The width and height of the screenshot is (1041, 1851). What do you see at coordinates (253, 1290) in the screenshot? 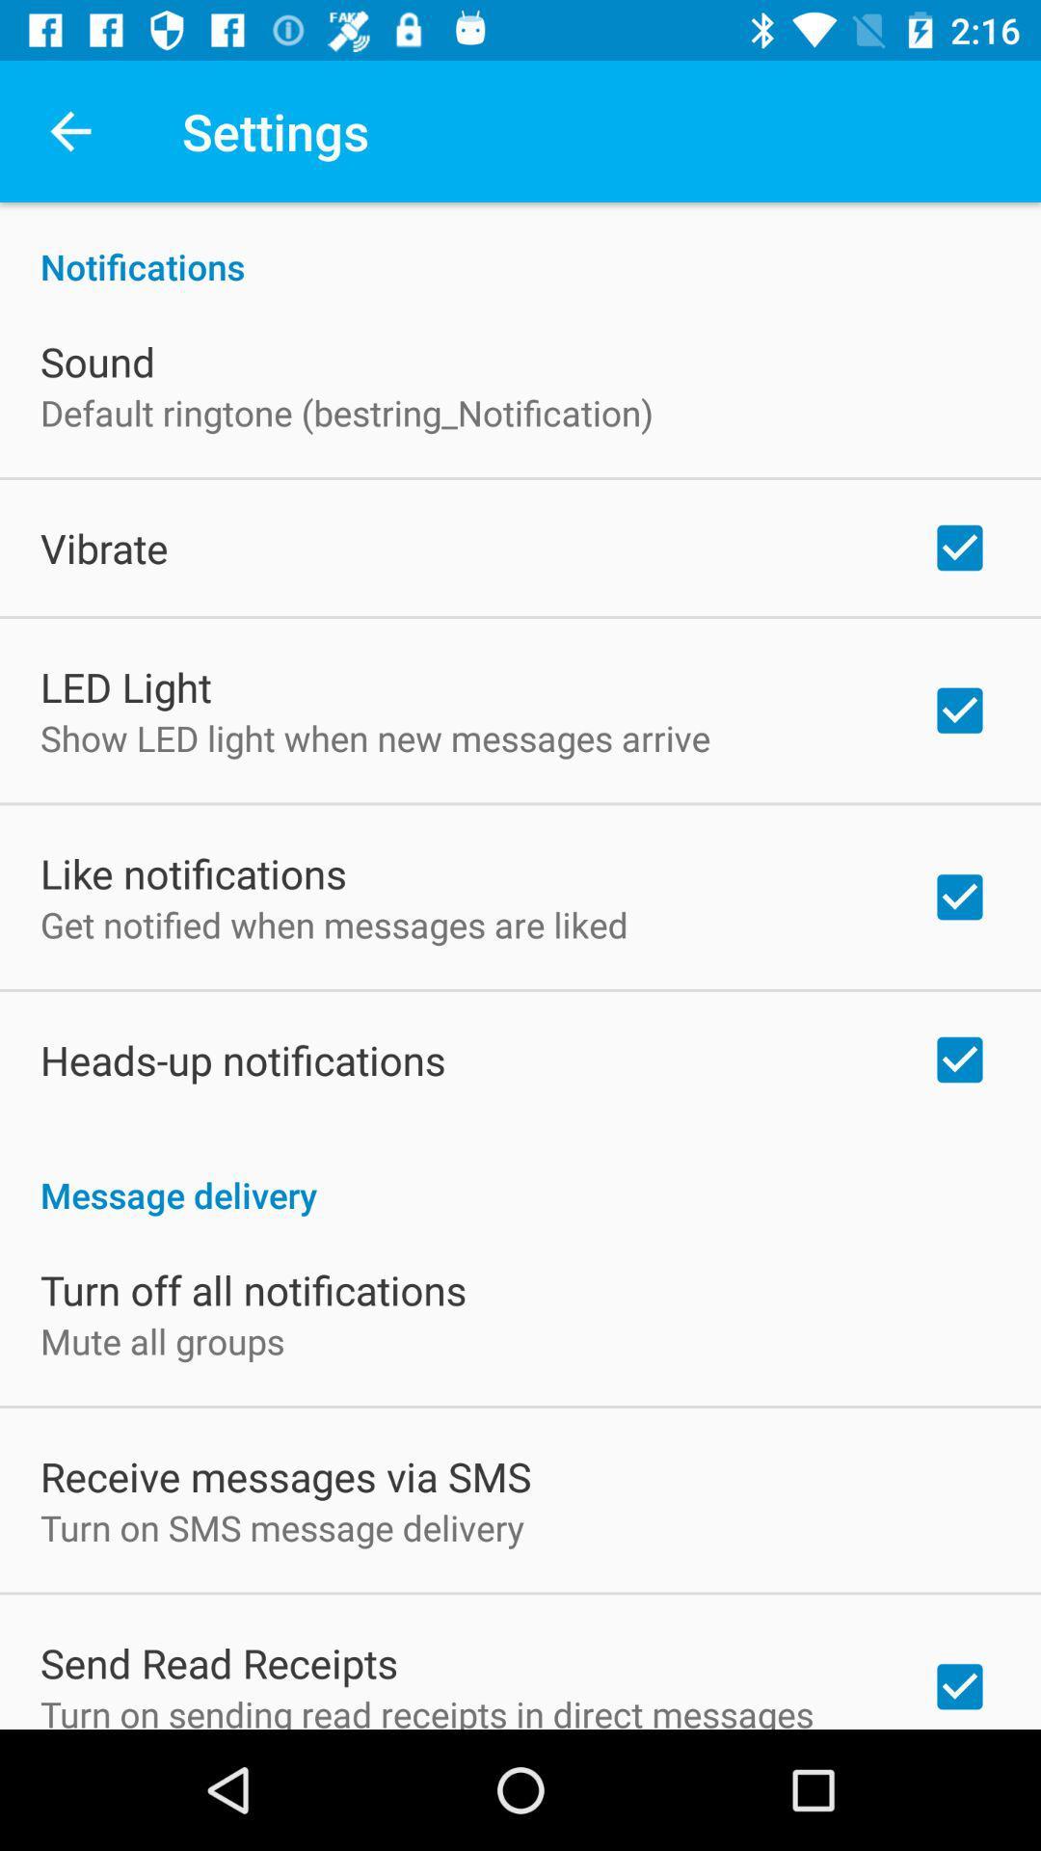
I see `turn off all item` at bounding box center [253, 1290].